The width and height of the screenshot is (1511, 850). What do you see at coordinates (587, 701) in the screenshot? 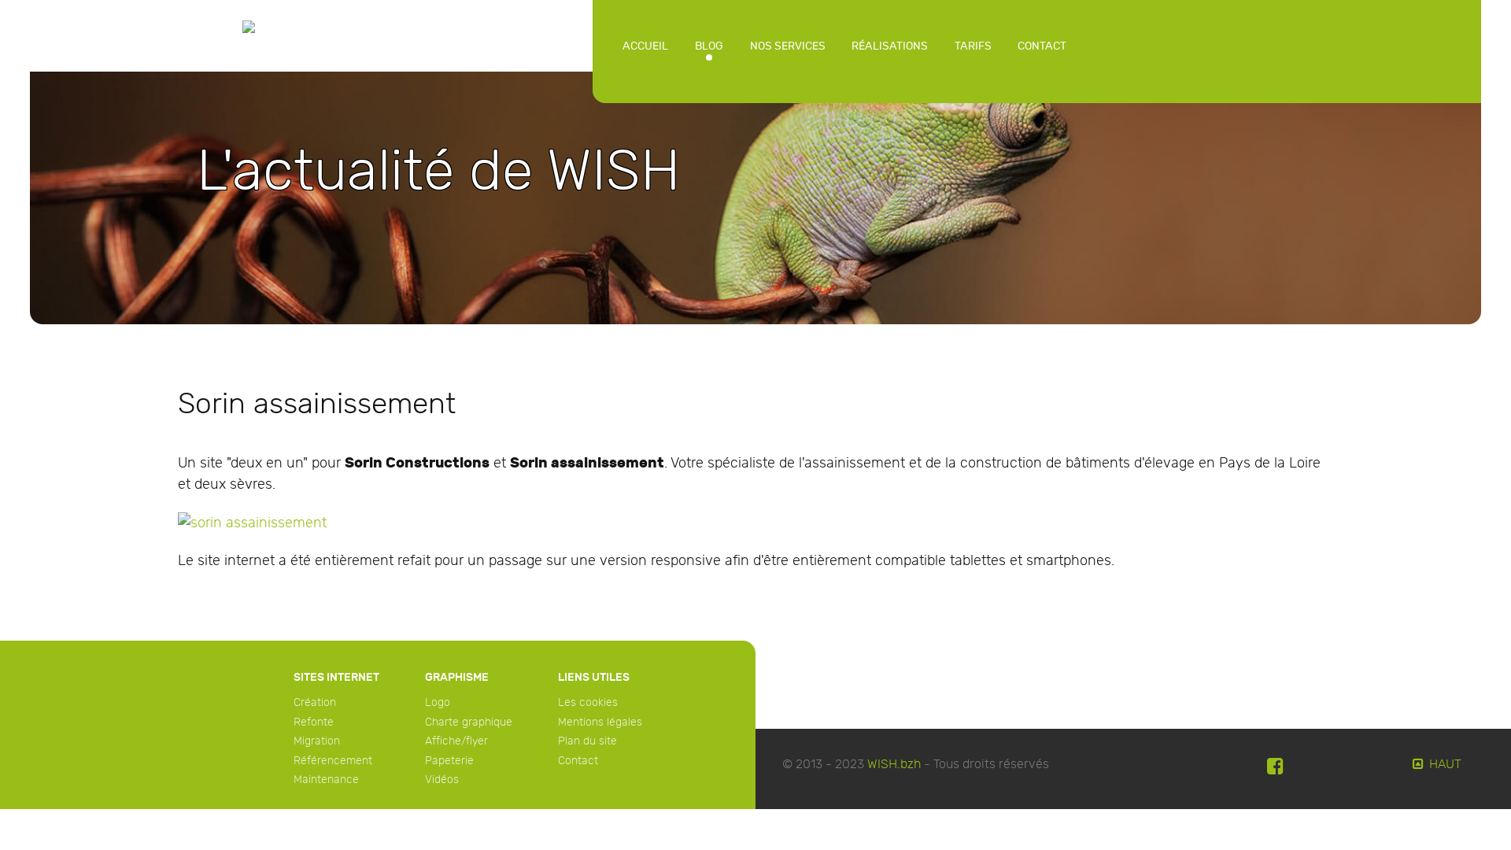
I see `'Les cookies'` at bounding box center [587, 701].